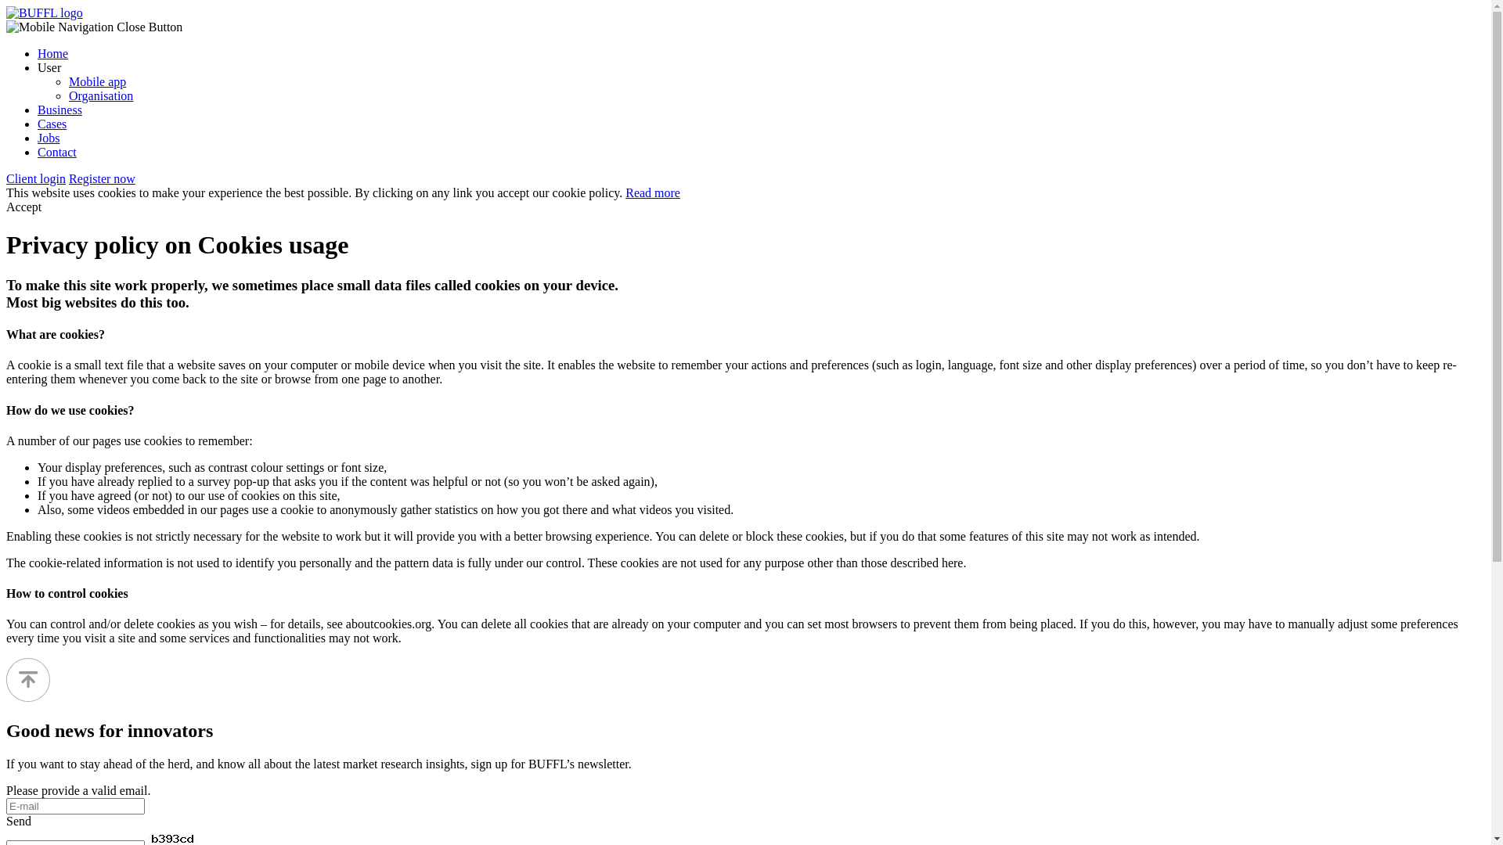 This screenshot has width=1503, height=845. Describe the element at coordinates (56, 152) in the screenshot. I see `'Contact'` at that location.